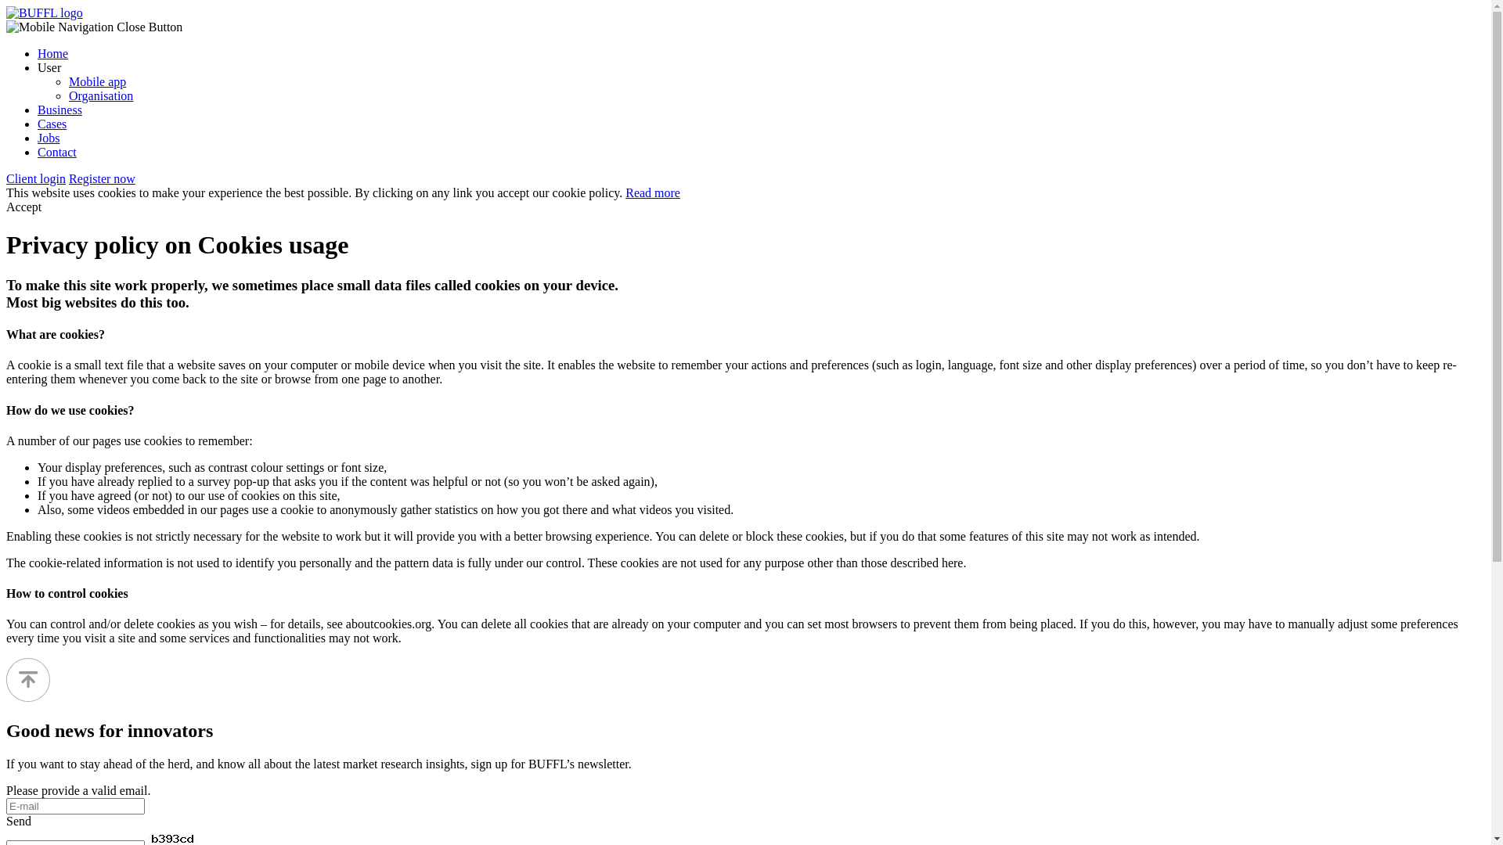 This screenshot has width=1503, height=845. Describe the element at coordinates (56, 152) in the screenshot. I see `'Contact'` at that location.